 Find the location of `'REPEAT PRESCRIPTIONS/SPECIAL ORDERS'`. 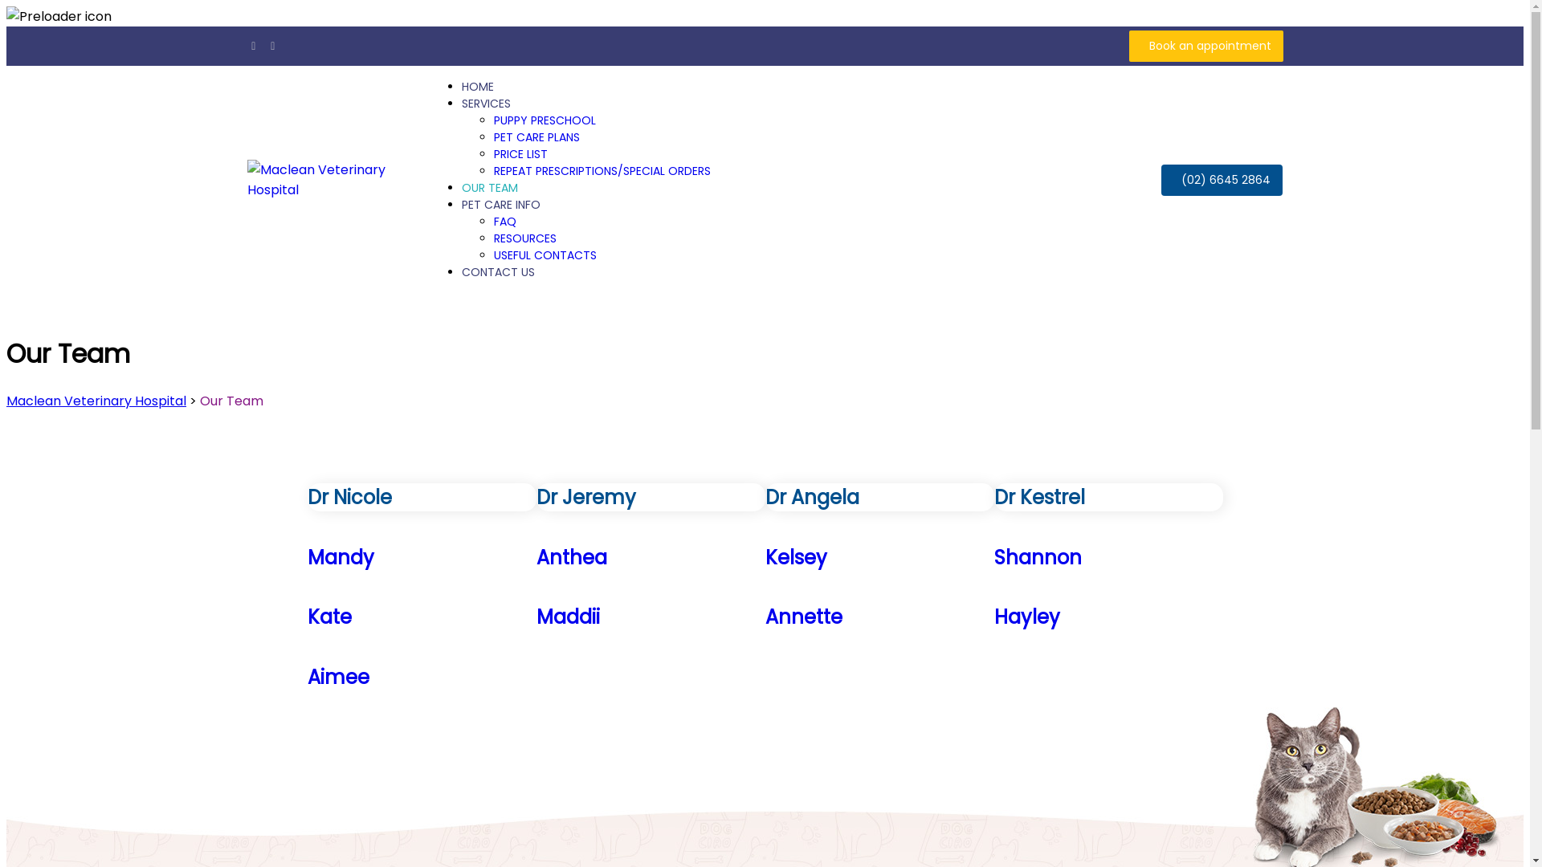

'REPEAT PRESCRIPTIONS/SPECIAL ORDERS' is located at coordinates (601, 170).